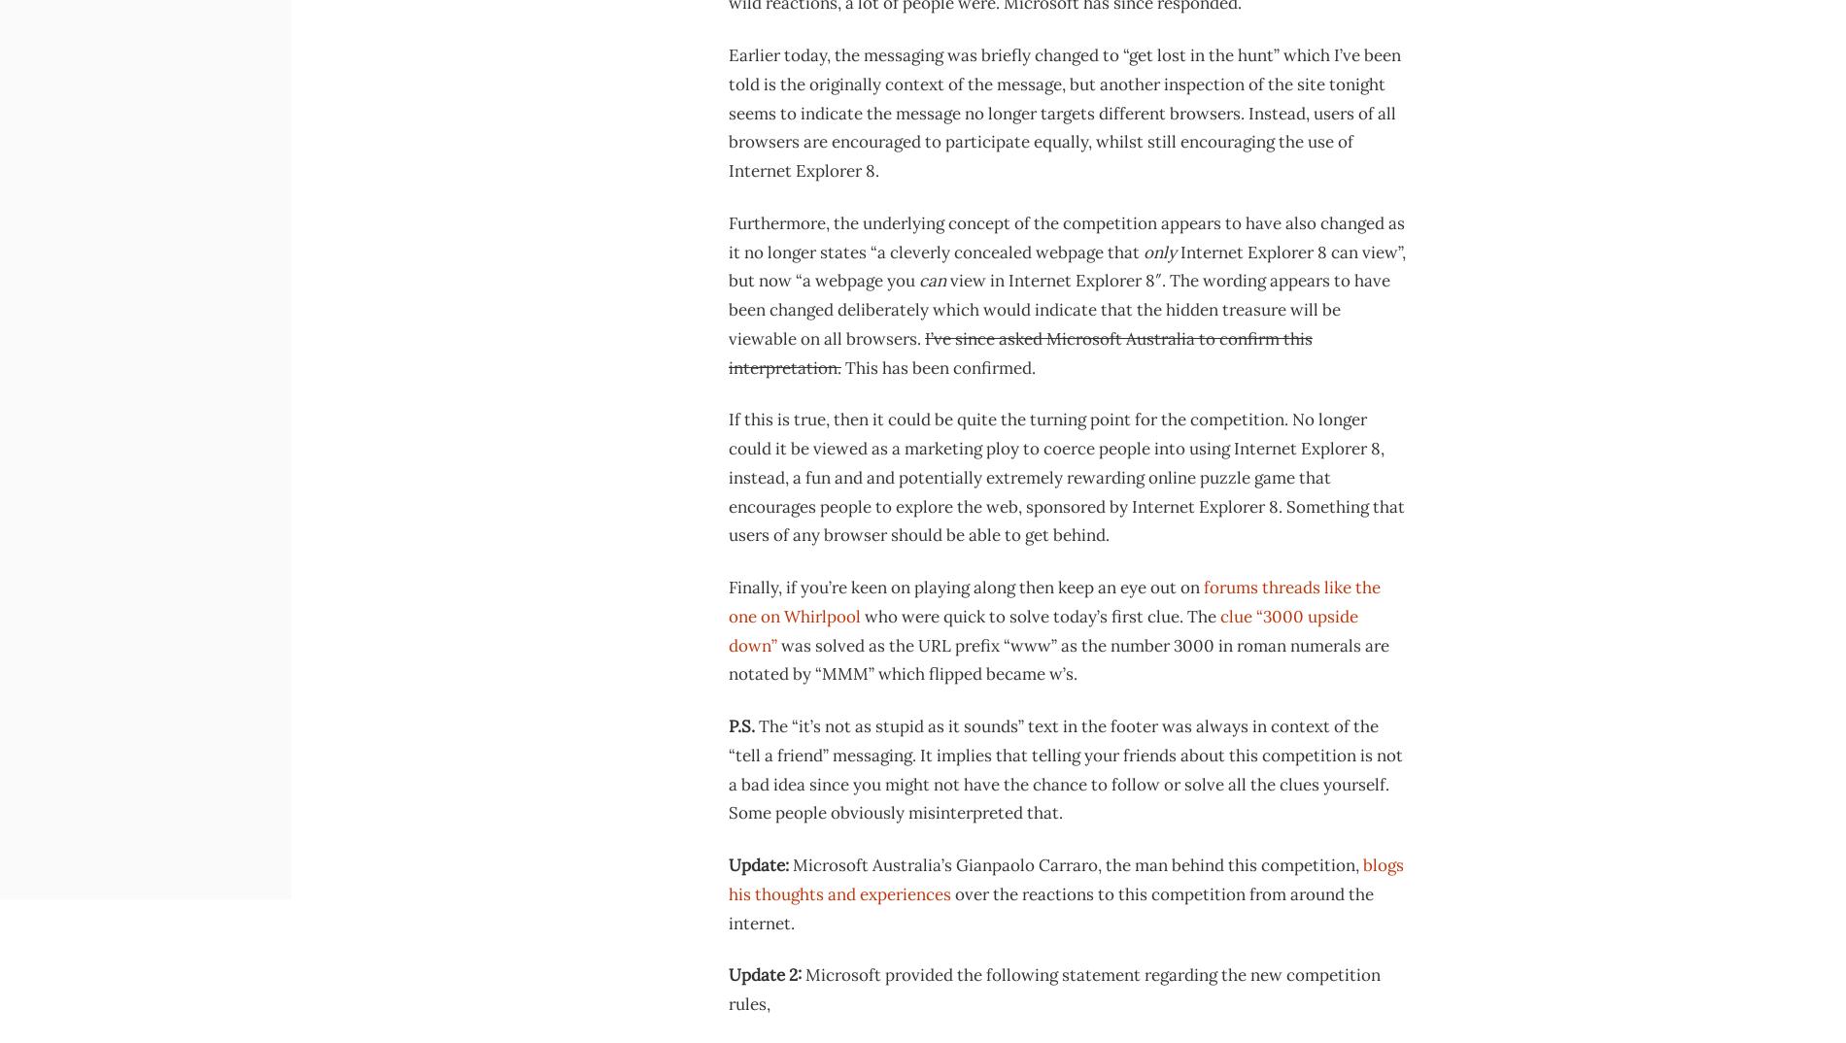  I want to click on 'P.S.', so click(740, 726).